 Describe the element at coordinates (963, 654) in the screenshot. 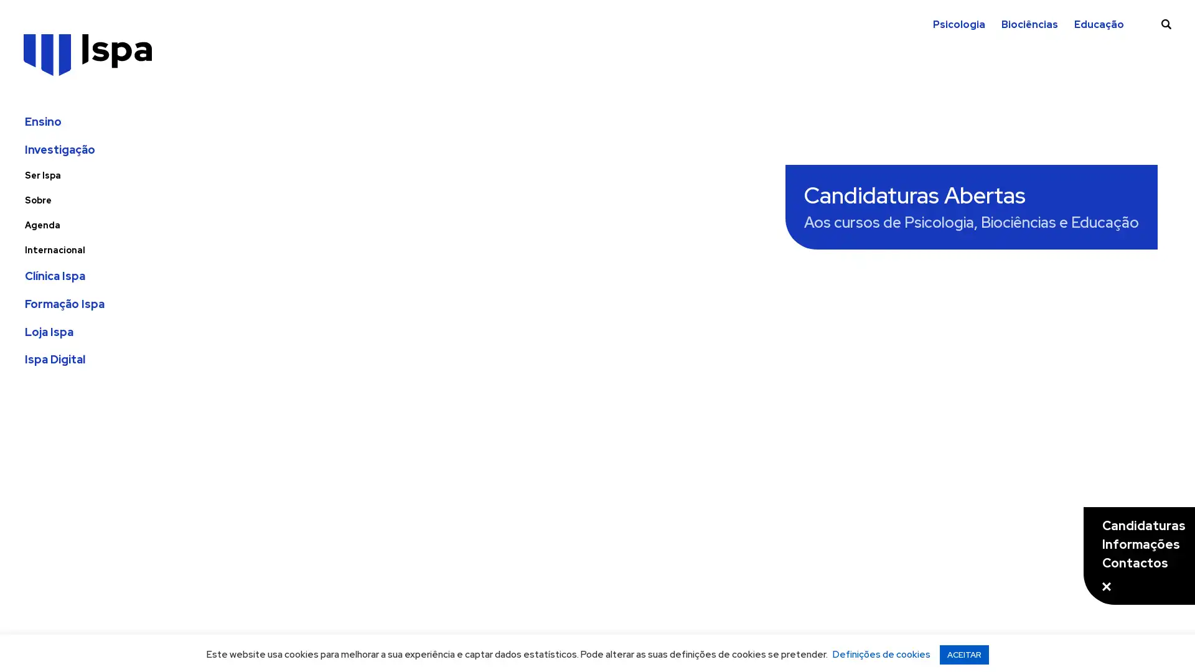

I see `ACEITAR` at that location.